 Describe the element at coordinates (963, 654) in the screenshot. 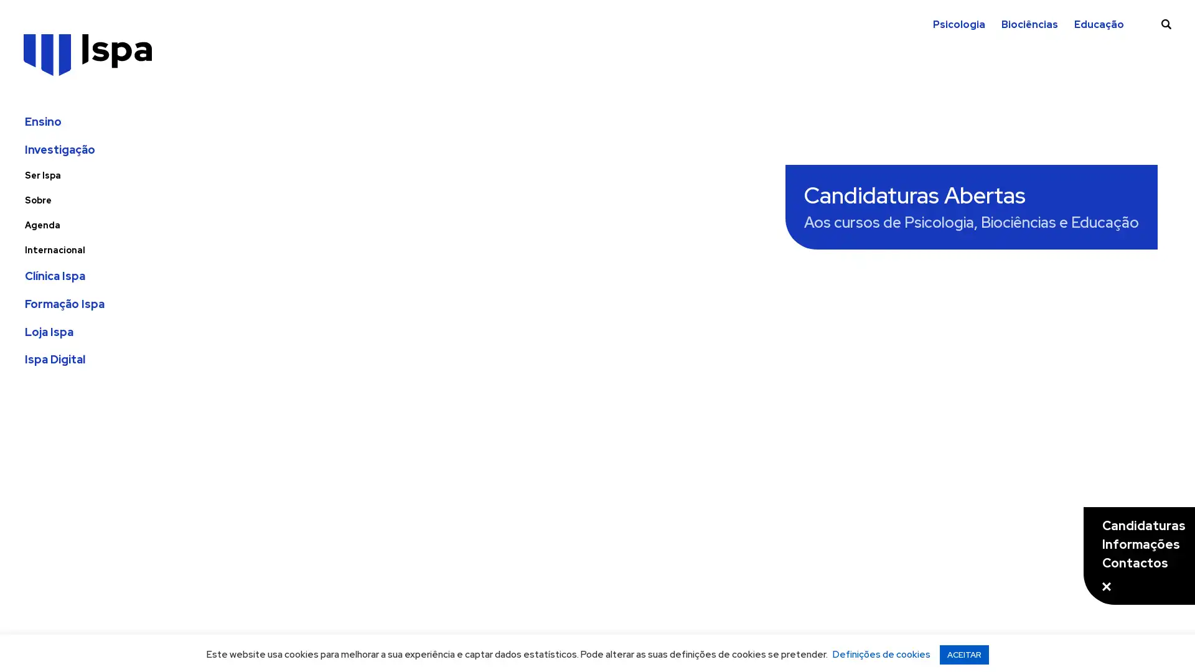

I see `ACEITAR` at that location.